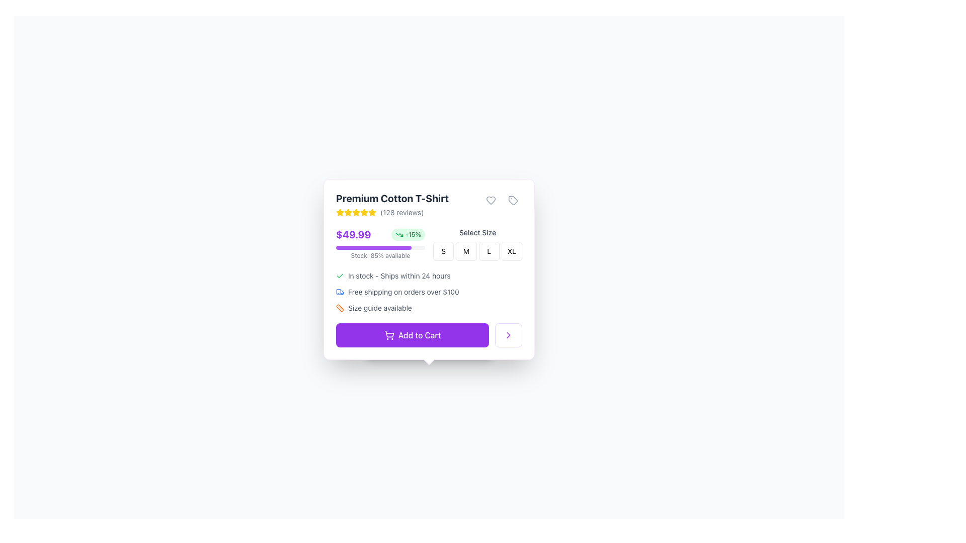 The width and height of the screenshot is (966, 543). What do you see at coordinates (371, 212) in the screenshot?
I see `the first star graphic in the rating system for the 'Premium Cotton T-Shirt' located directly under the title` at bounding box center [371, 212].